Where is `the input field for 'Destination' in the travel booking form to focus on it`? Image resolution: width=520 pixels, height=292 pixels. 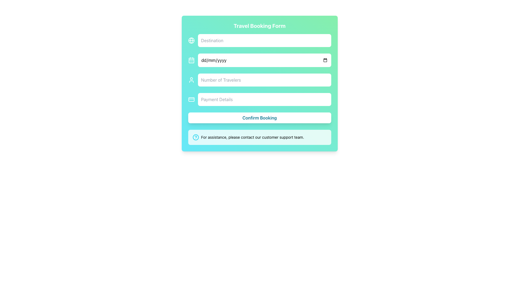 the input field for 'Destination' in the travel booking form to focus on it is located at coordinates (259, 40).